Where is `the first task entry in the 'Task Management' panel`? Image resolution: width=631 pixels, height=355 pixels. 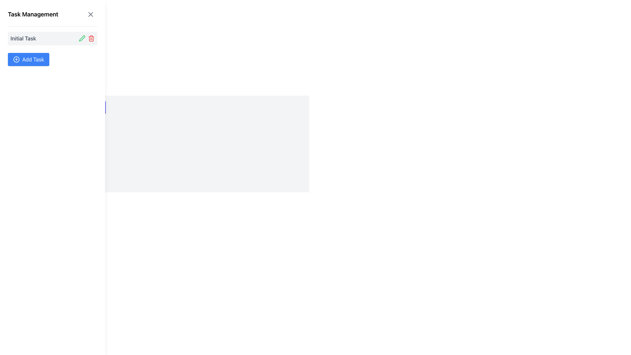 the first task entry in the 'Task Management' panel is located at coordinates (52, 38).